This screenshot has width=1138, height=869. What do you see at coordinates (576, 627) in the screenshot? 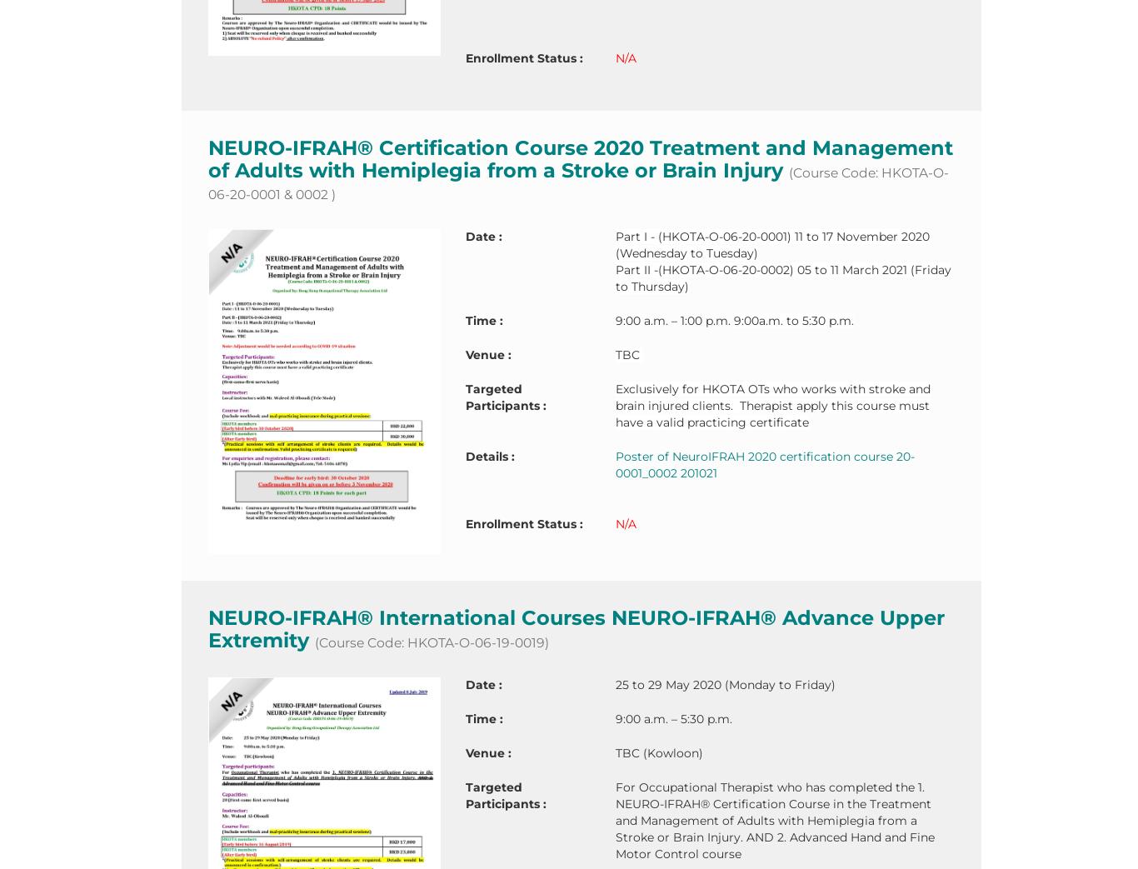
I see `'NEURO-IFRAH® International Courses NEURO-IFRAH® Advance Upper Extremity'` at bounding box center [576, 627].